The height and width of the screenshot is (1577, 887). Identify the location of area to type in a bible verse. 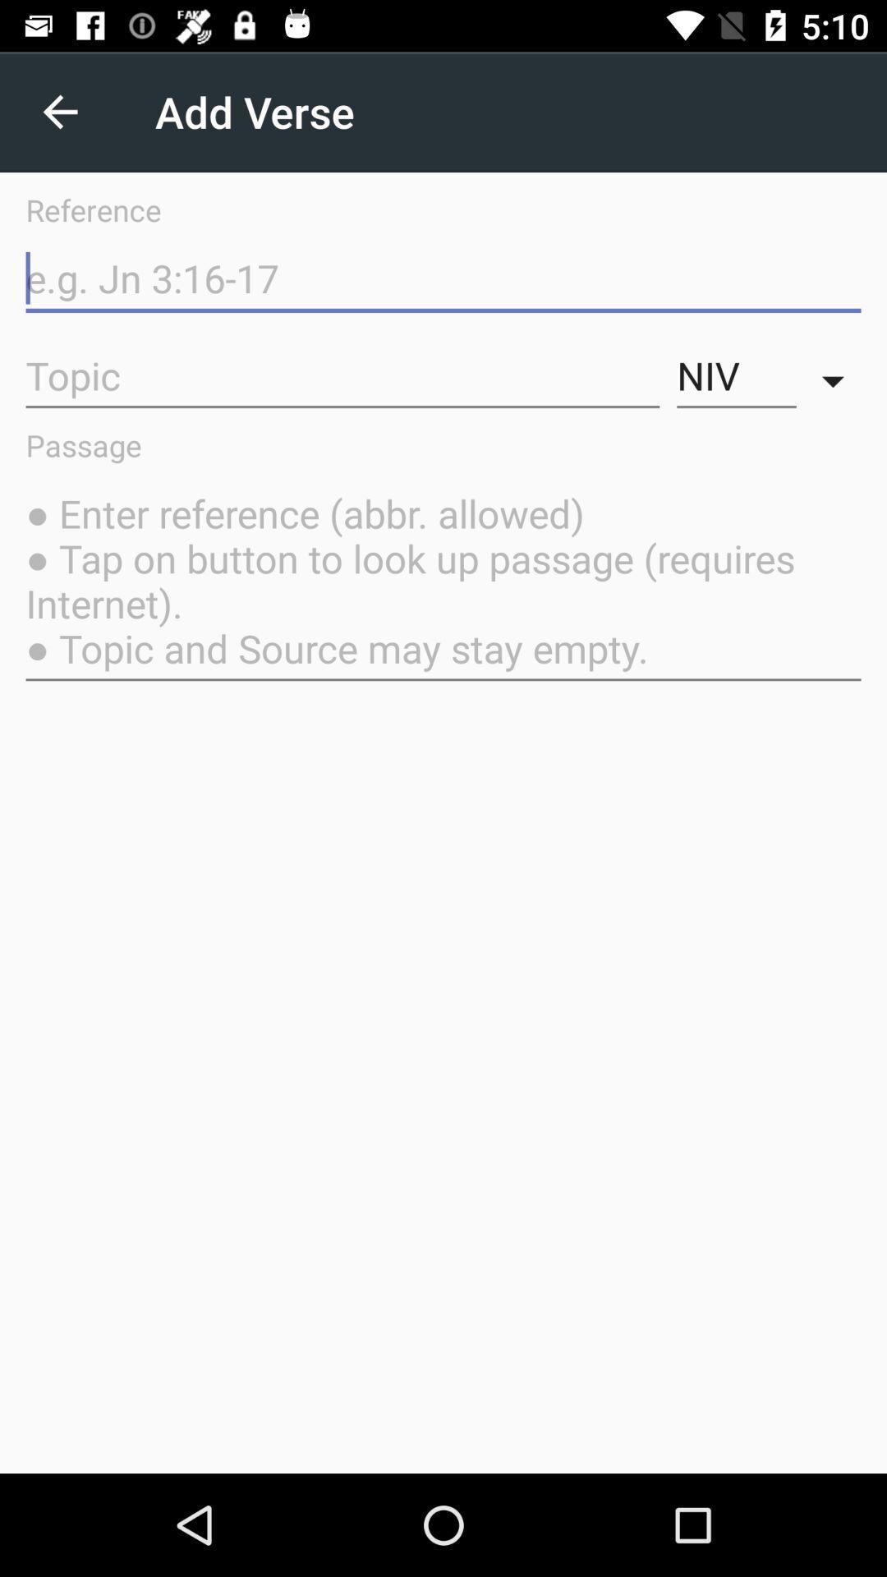
(443, 278).